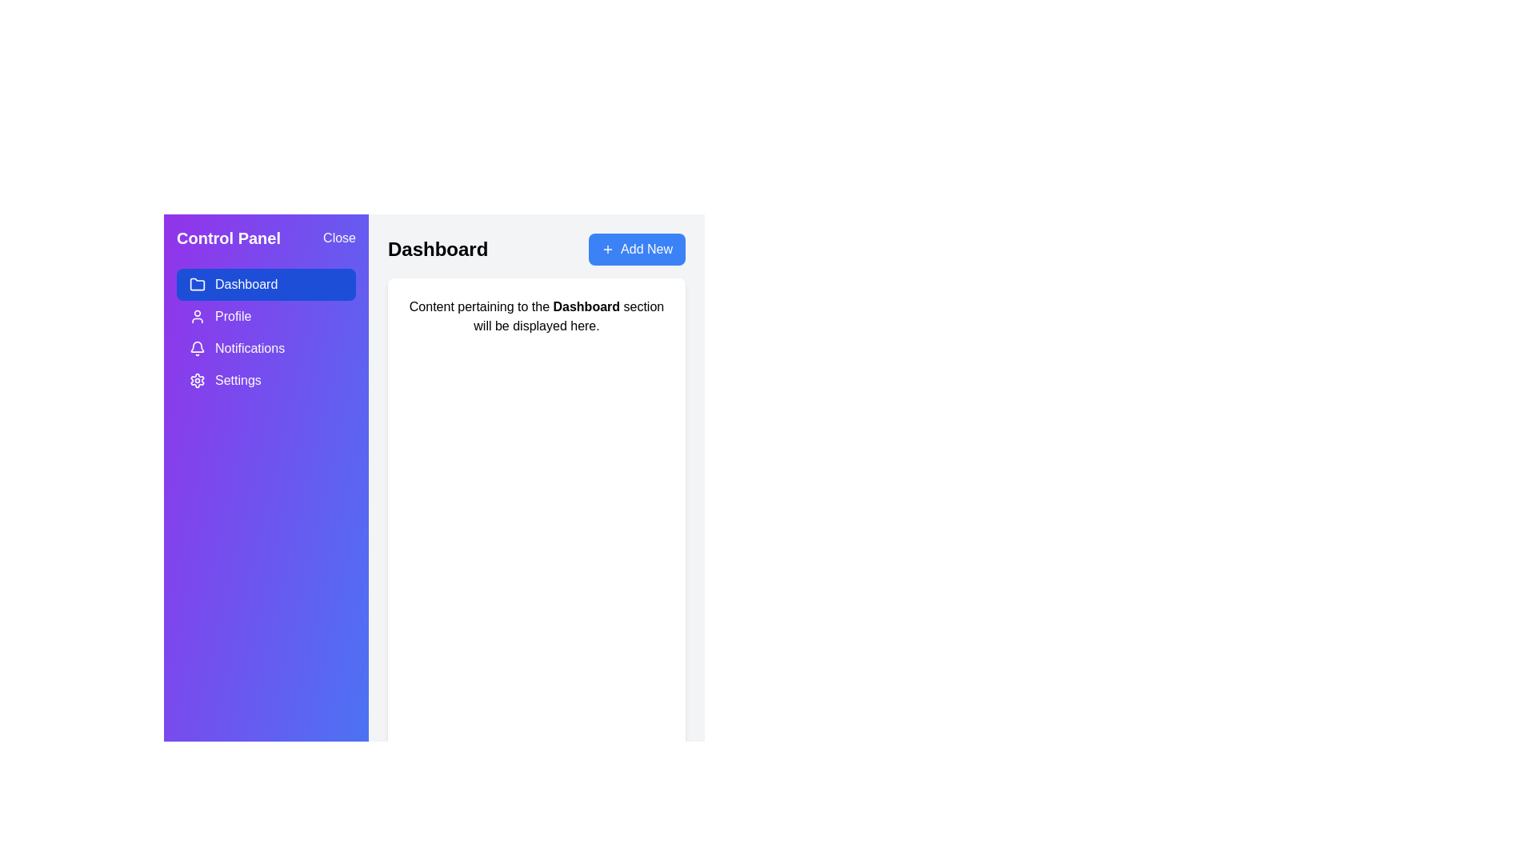 This screenshot has width=1536, height=864. Describe the element at coordinates (266, 317) in the screenshot. I see `the Profile section in the drawer menu` at that location.